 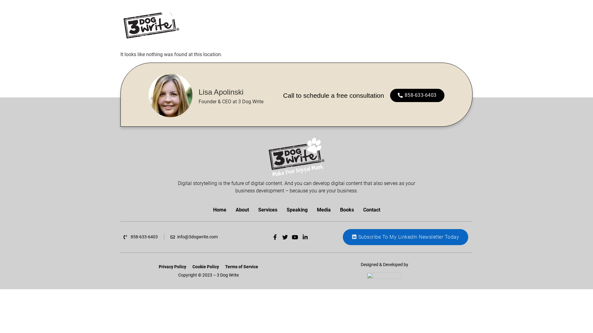 I want to click on '858-633-6403', so click(x=140, y=236).